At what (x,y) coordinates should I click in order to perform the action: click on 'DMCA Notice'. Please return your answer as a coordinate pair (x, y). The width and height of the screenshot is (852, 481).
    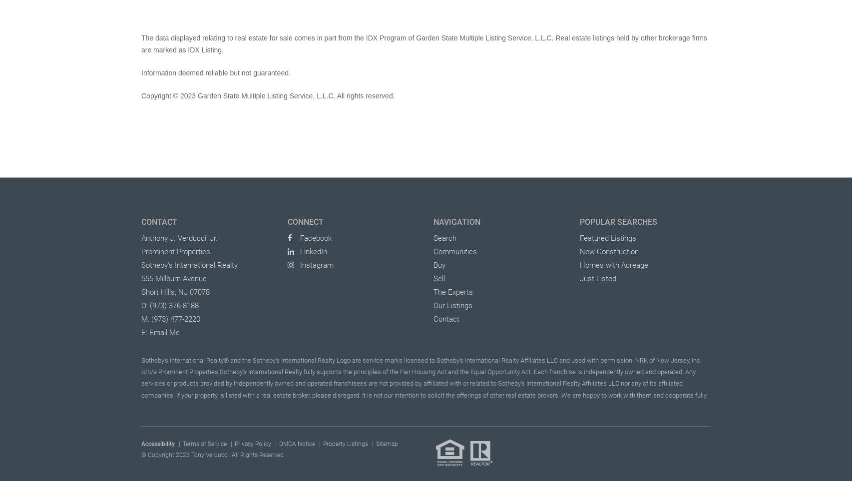
    Looking at the image, I should click on (279, 444).